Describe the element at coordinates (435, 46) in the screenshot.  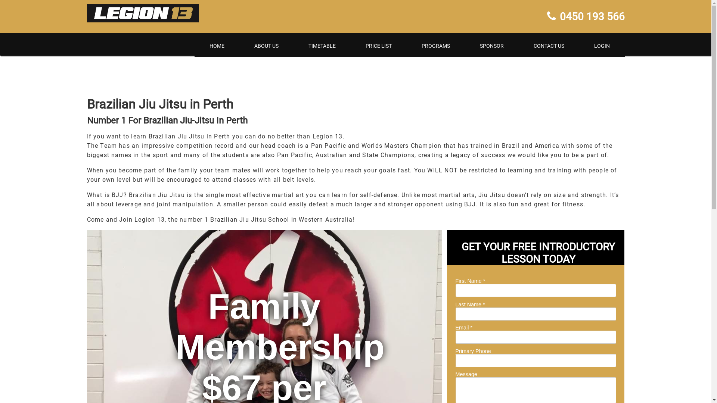
I see `'PROGRAMS'` at that location.